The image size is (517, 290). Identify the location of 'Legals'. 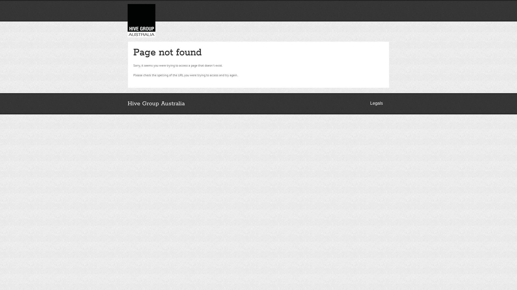
(376, 103).